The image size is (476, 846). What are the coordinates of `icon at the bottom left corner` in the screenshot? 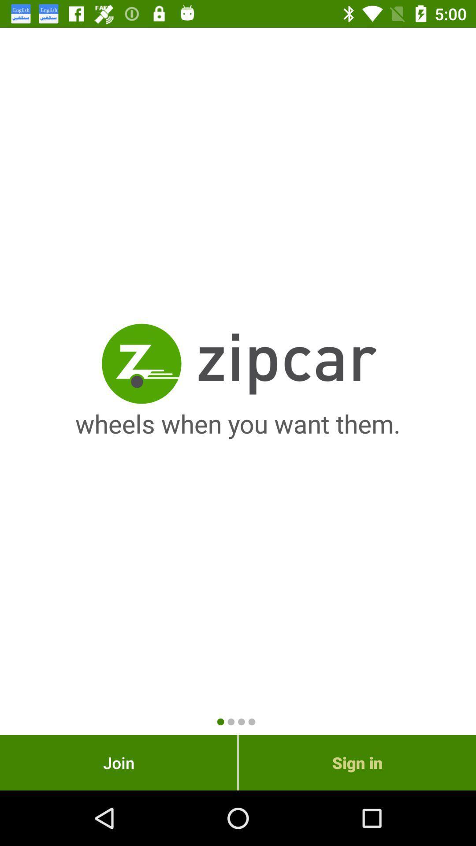 It's located at (118, 762).